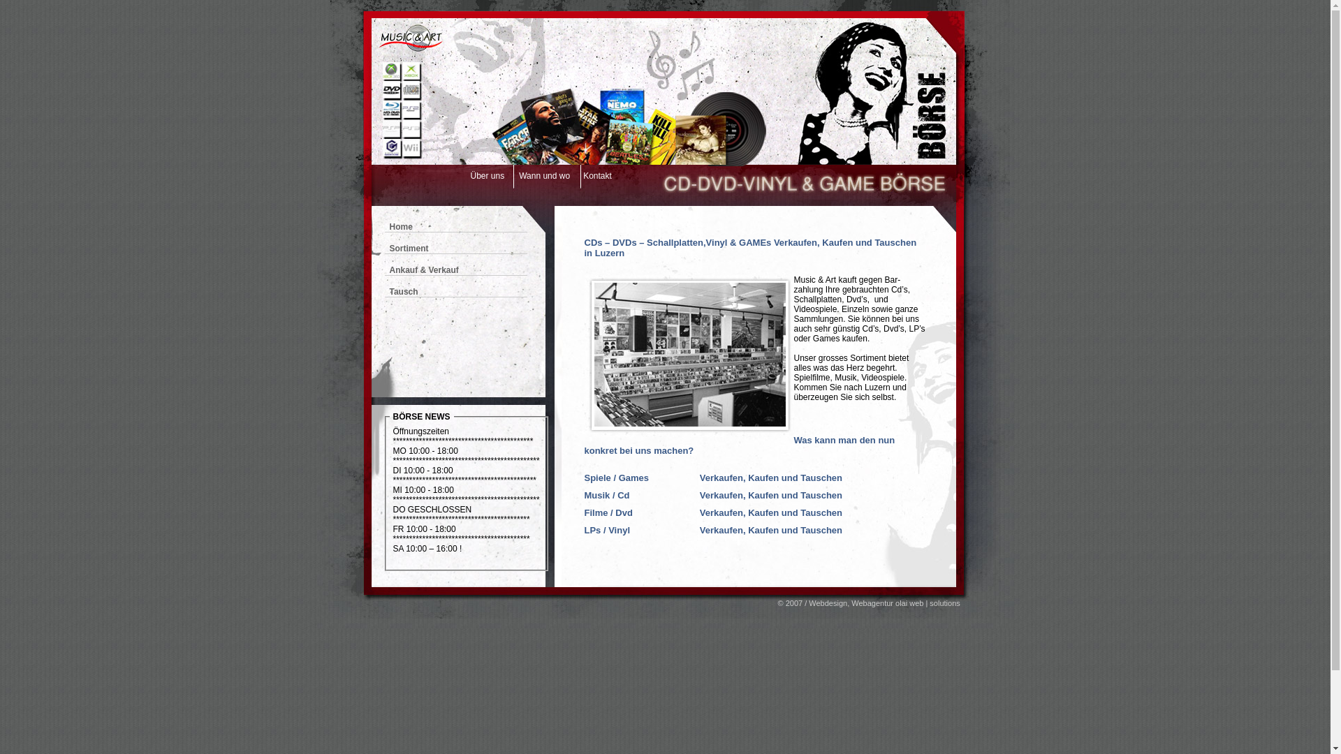  I want to click on 'Wann und wo', so click(543, 175).